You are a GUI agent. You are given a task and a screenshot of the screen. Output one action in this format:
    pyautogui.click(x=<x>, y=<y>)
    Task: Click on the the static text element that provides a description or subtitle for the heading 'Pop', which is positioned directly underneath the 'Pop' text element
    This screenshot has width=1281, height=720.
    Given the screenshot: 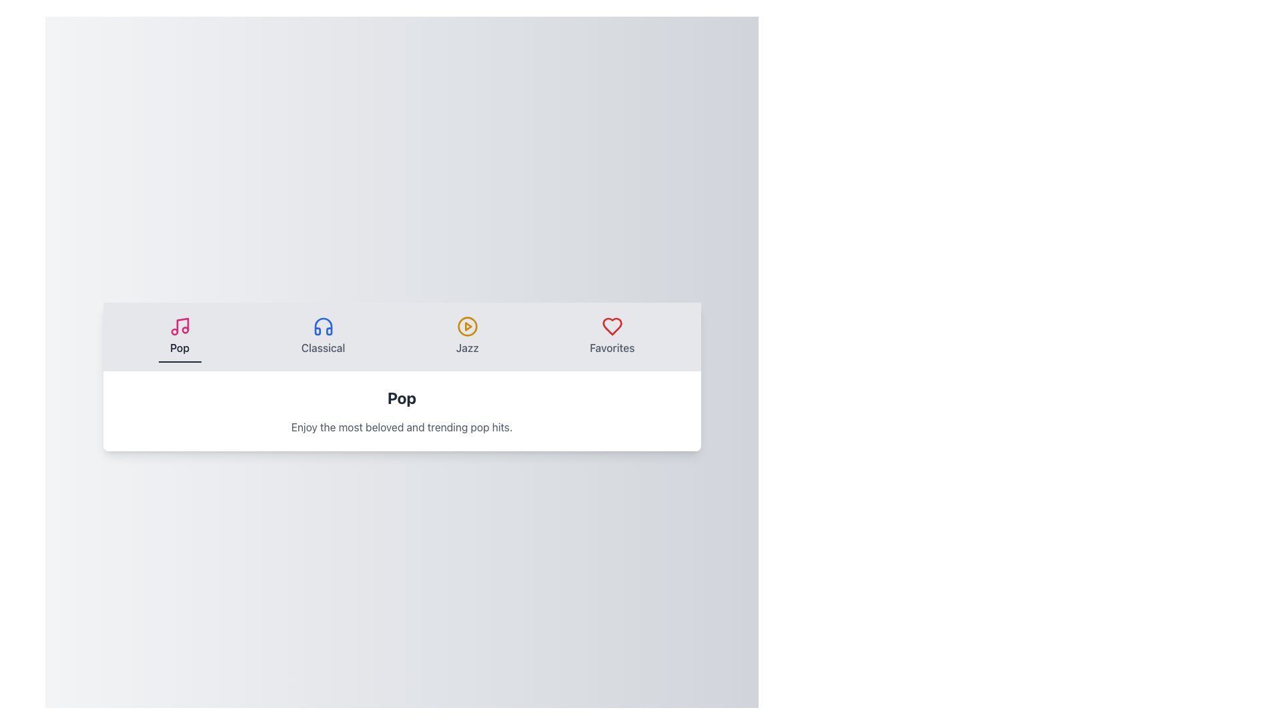 What is the action you would take?
    pyautogui.click(x=401, y=427)
    